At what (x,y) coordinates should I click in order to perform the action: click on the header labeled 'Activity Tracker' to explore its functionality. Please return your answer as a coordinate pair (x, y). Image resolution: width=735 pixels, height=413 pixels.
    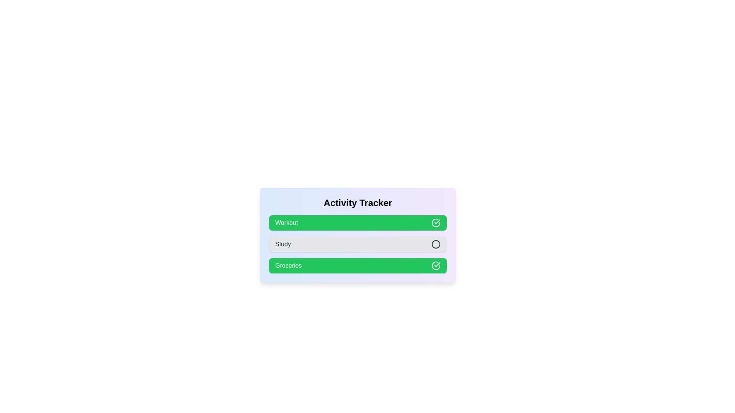
    Looking at the image, I should click on (358, 203).